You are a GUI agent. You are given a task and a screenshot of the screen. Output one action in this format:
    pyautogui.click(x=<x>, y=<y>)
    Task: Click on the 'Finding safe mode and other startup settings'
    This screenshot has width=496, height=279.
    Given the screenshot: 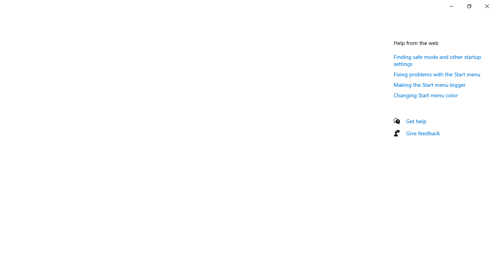 What is the action you would take?
    pyautogui.click(x=437, y=60)
    